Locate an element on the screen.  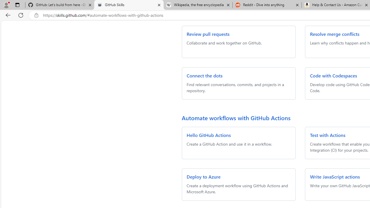
'GitHub Skills' is located at coordinates (128, 5).